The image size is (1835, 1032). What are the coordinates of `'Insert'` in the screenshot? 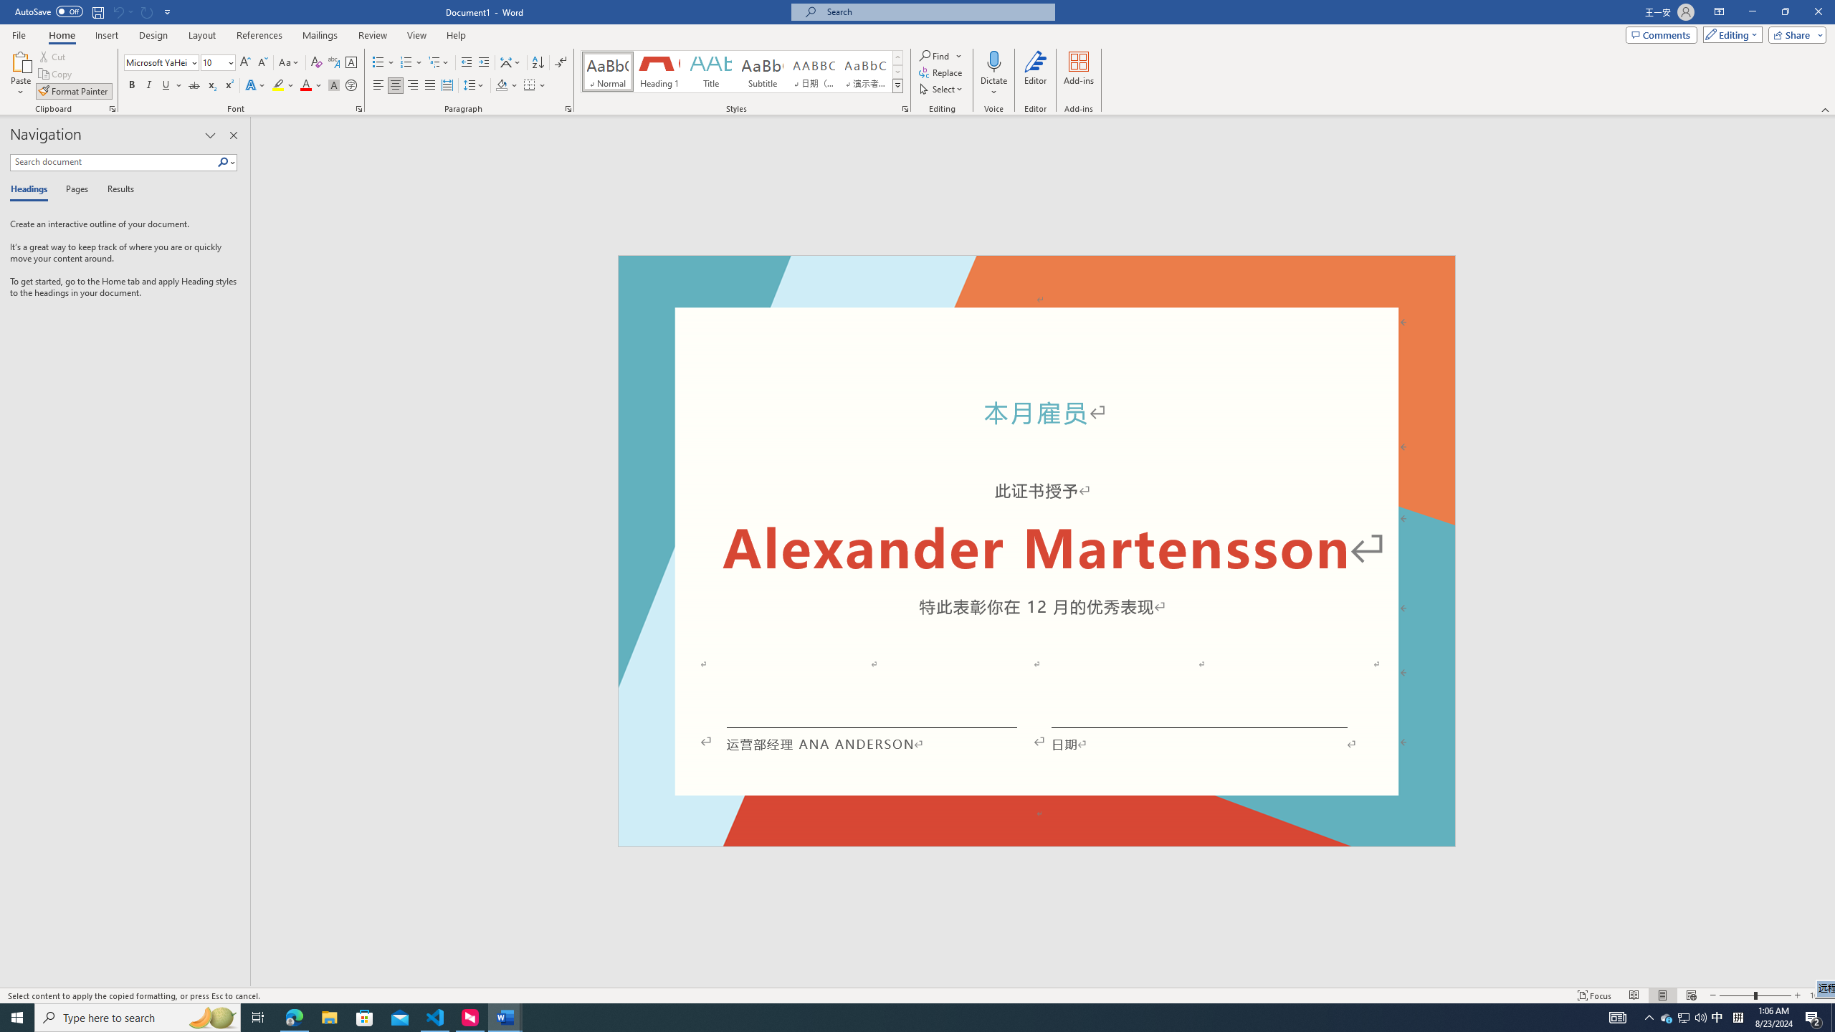 It's located at (105, 35).